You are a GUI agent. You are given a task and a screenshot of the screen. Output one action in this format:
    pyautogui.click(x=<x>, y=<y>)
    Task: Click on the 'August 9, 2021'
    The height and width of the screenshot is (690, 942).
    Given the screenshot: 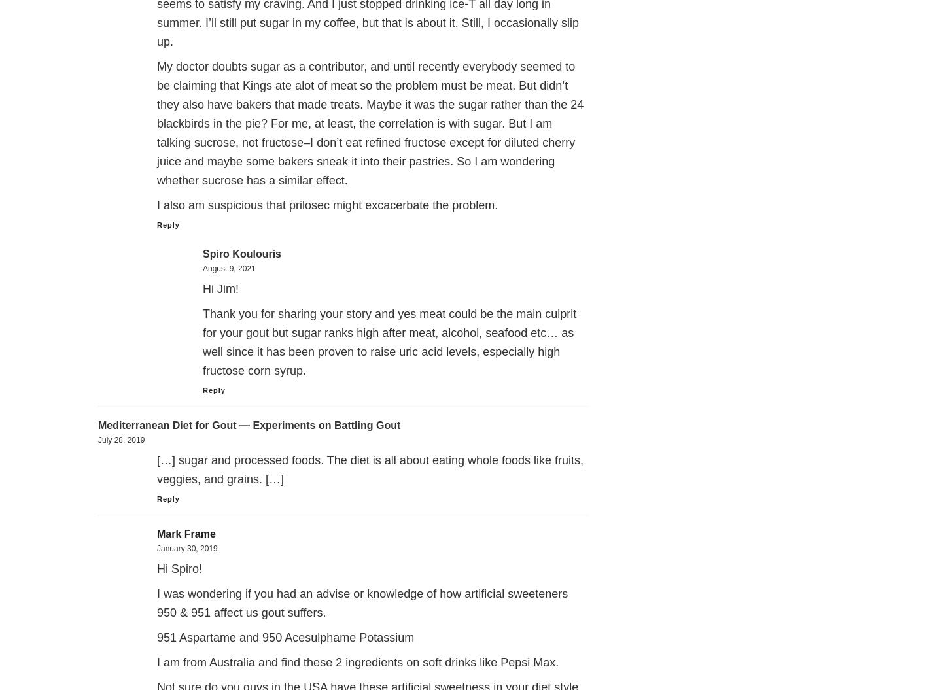 What is the action you would take?
    pyautogui.click(x=229, y=268)
    